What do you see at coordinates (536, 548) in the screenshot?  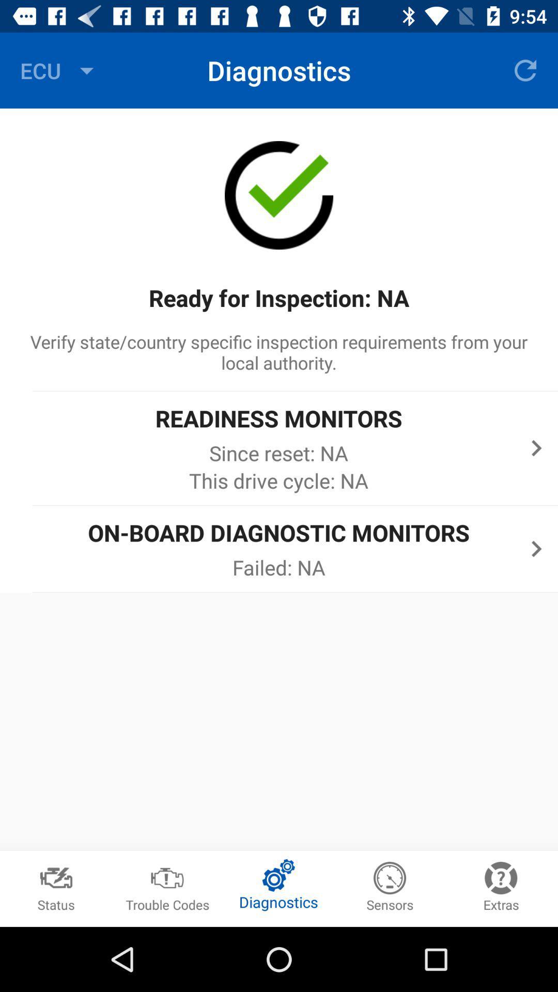 I see `the arrow icon from the bottom` at bounding box center [536, 548].